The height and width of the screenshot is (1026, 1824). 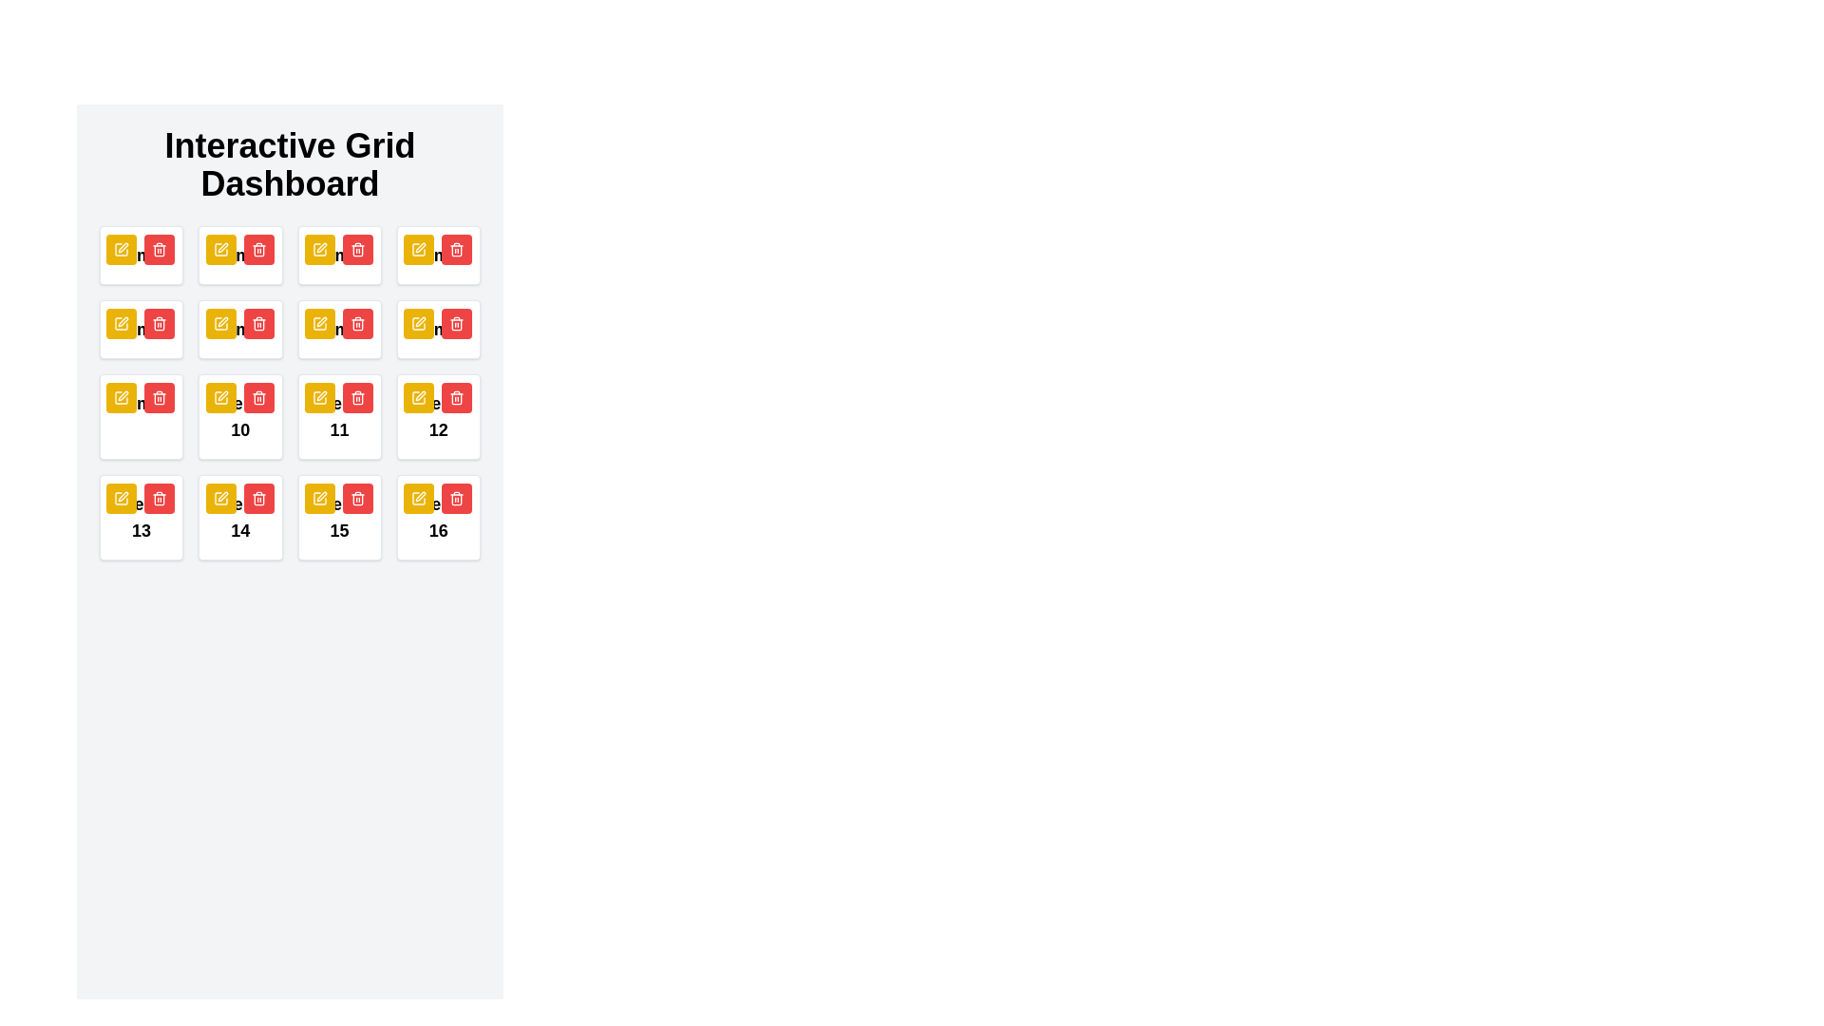 What do you see at coordinates (339, 416) in the screenshot?
I see `the text label displaying 'Item 11' in bold within the interactive grid layout, located in the third row and third column` at bounding box center [339, 416].